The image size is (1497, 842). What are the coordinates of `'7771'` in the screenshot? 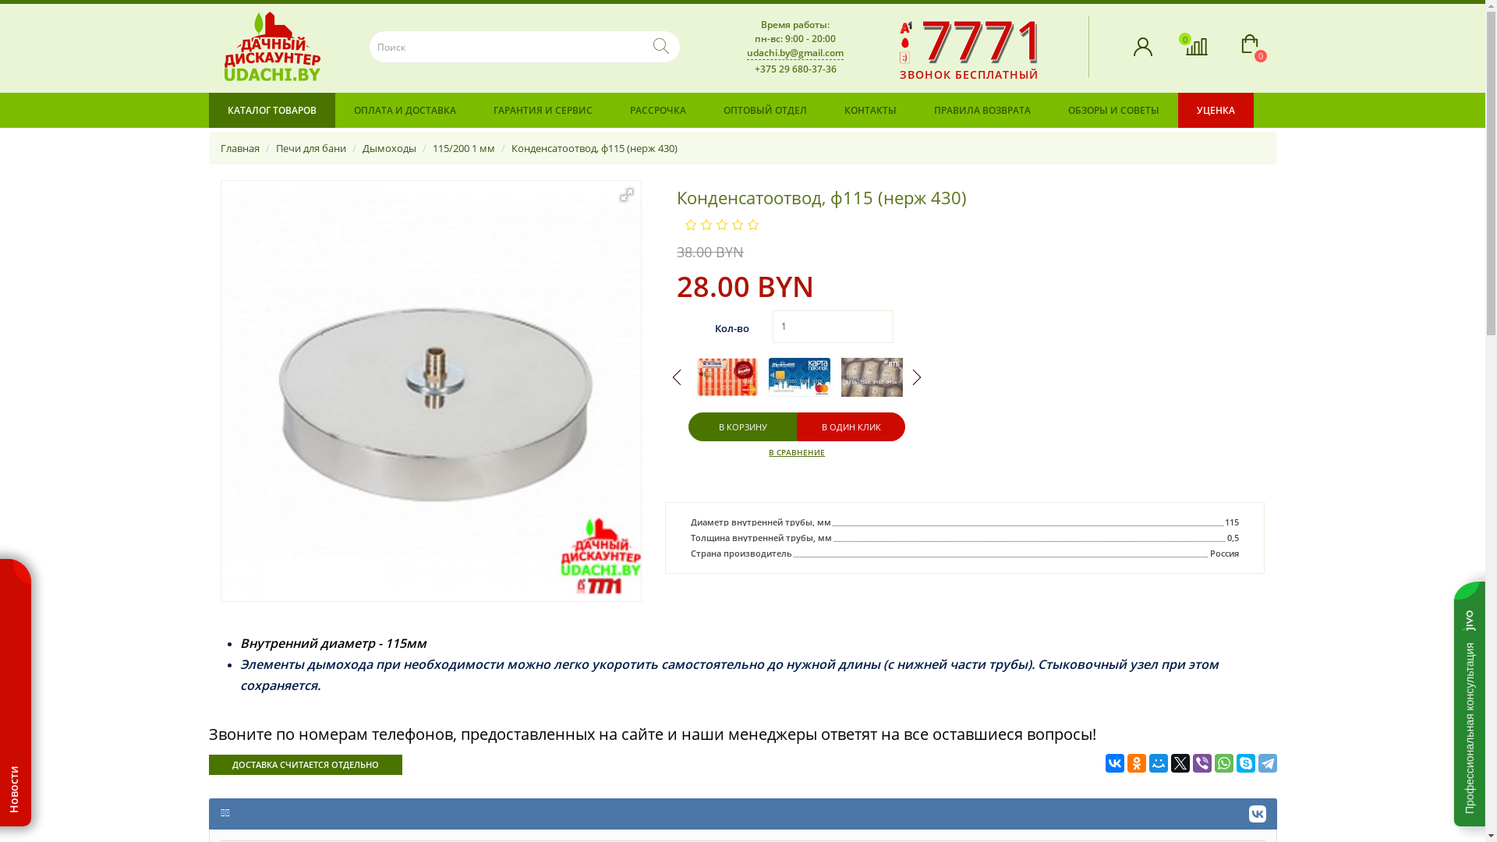 It's located at (982, 38).